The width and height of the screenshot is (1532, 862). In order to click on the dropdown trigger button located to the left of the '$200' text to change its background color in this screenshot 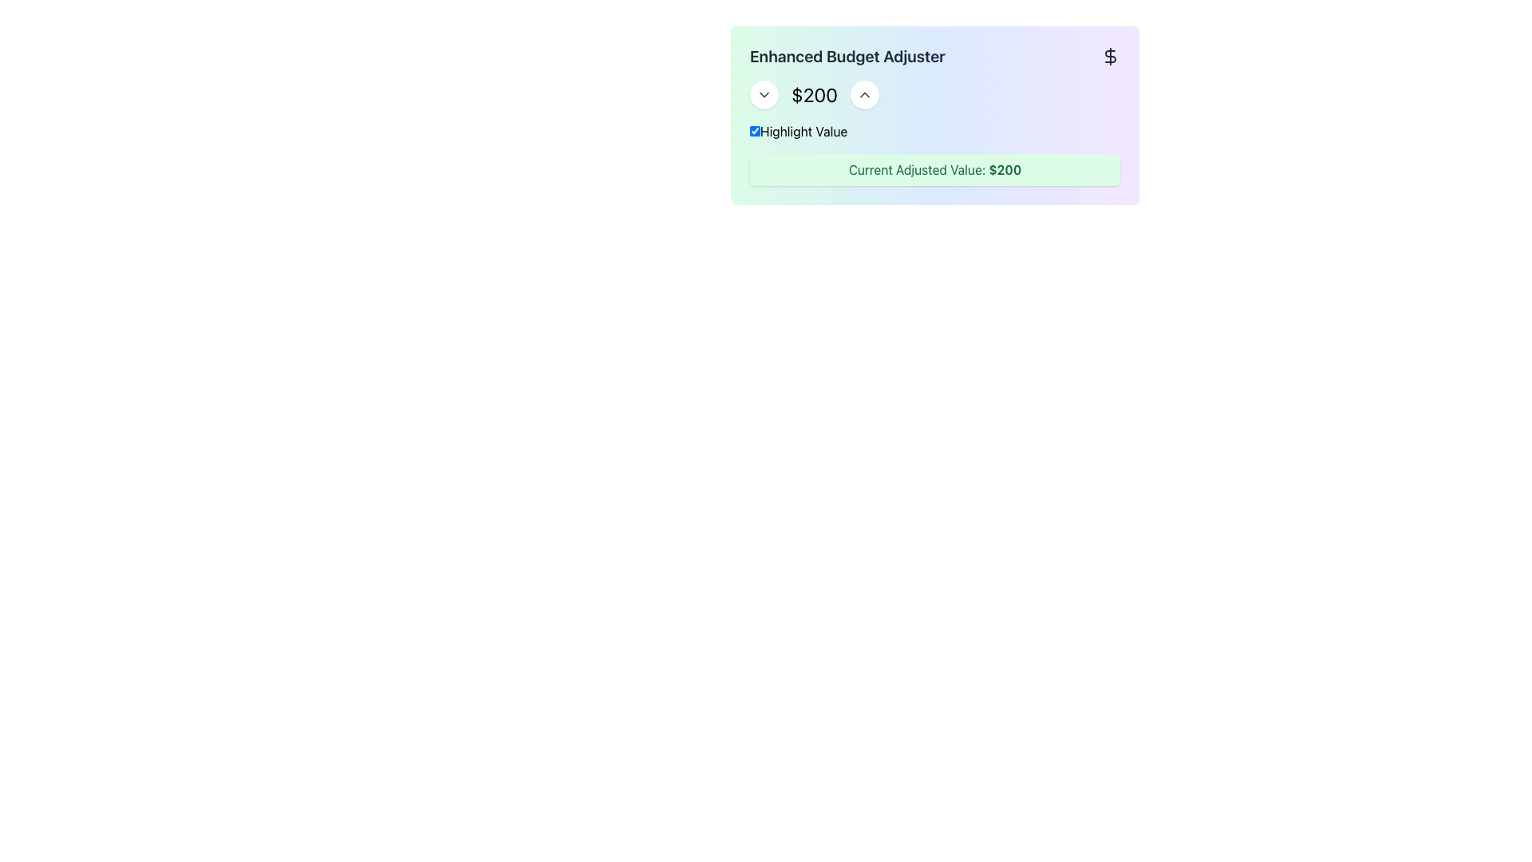, I will do `click(764, 95)`.